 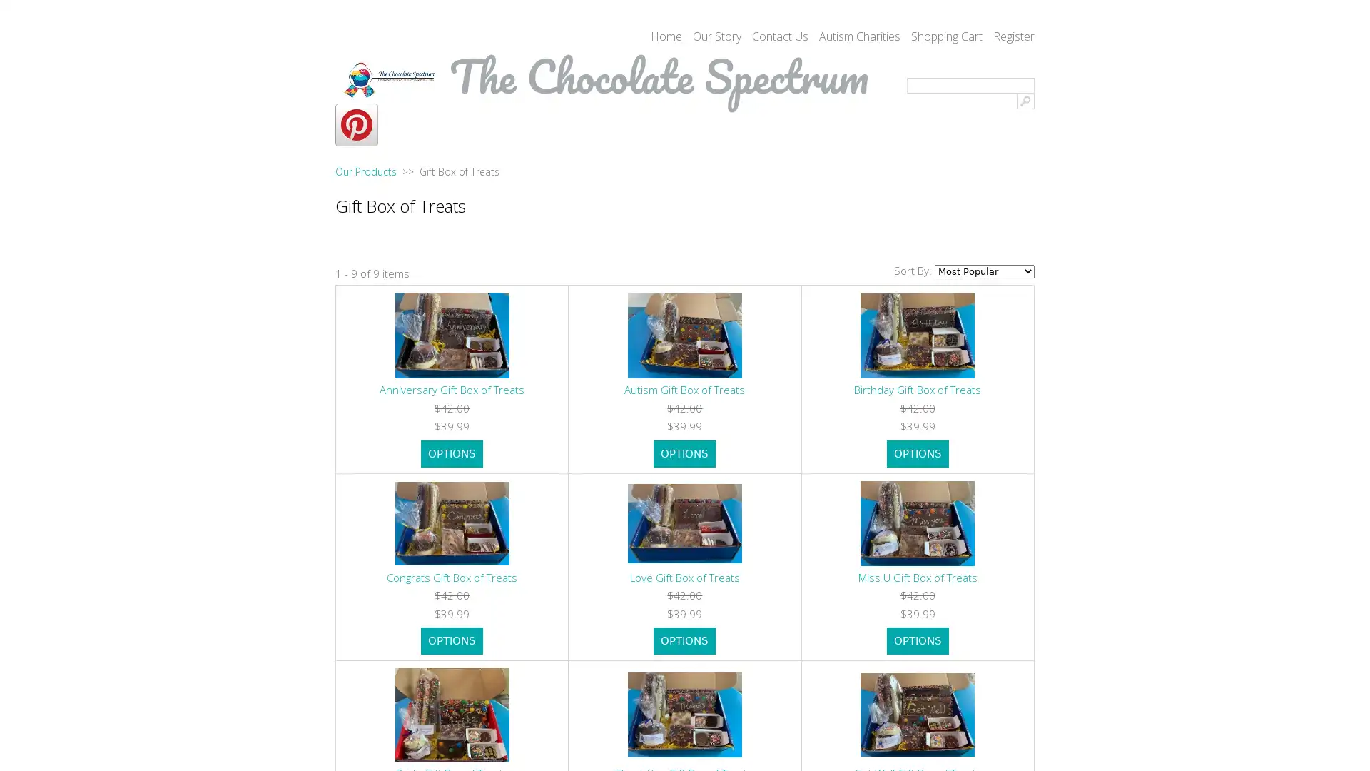 What do you see at coordinates (917, 640) in the screenshot?
I see `Options` at bounding box center [917, 640].